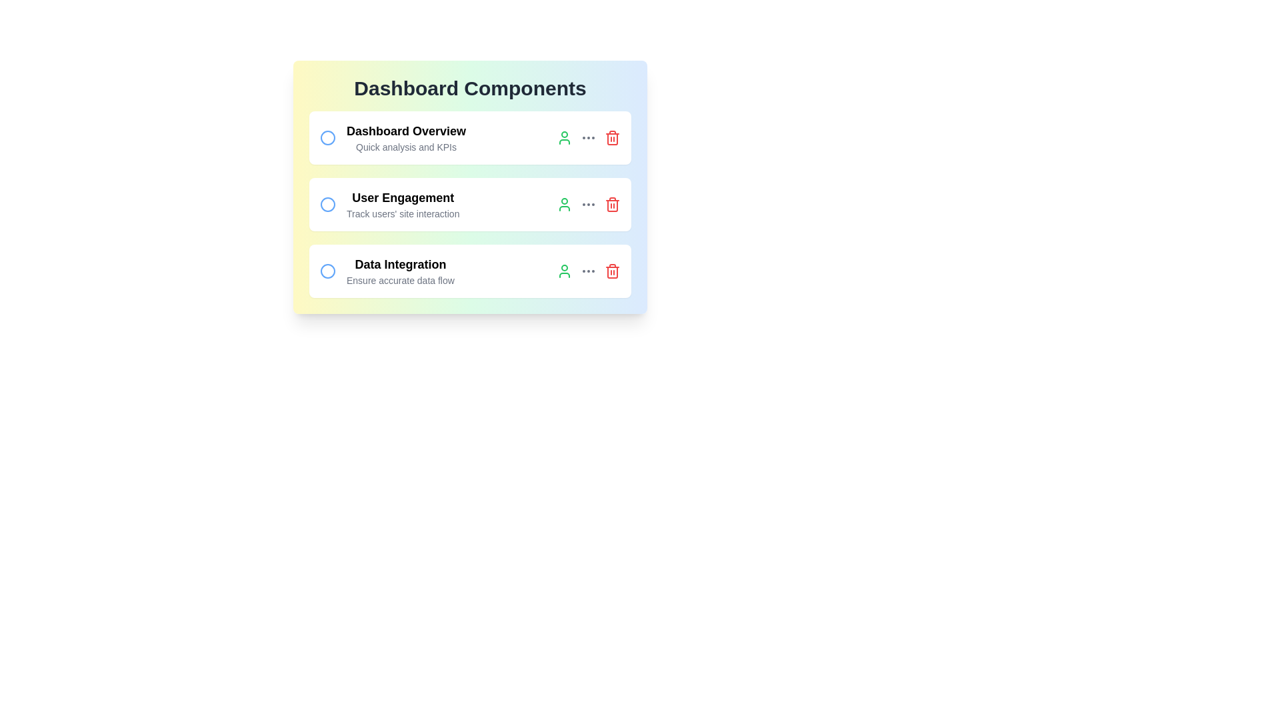 The image size is (1280, 720). Describe the element at coordinates (564, 138) in the screenshot. I see `the user icon to reveal its tooltip or animation` at that location.